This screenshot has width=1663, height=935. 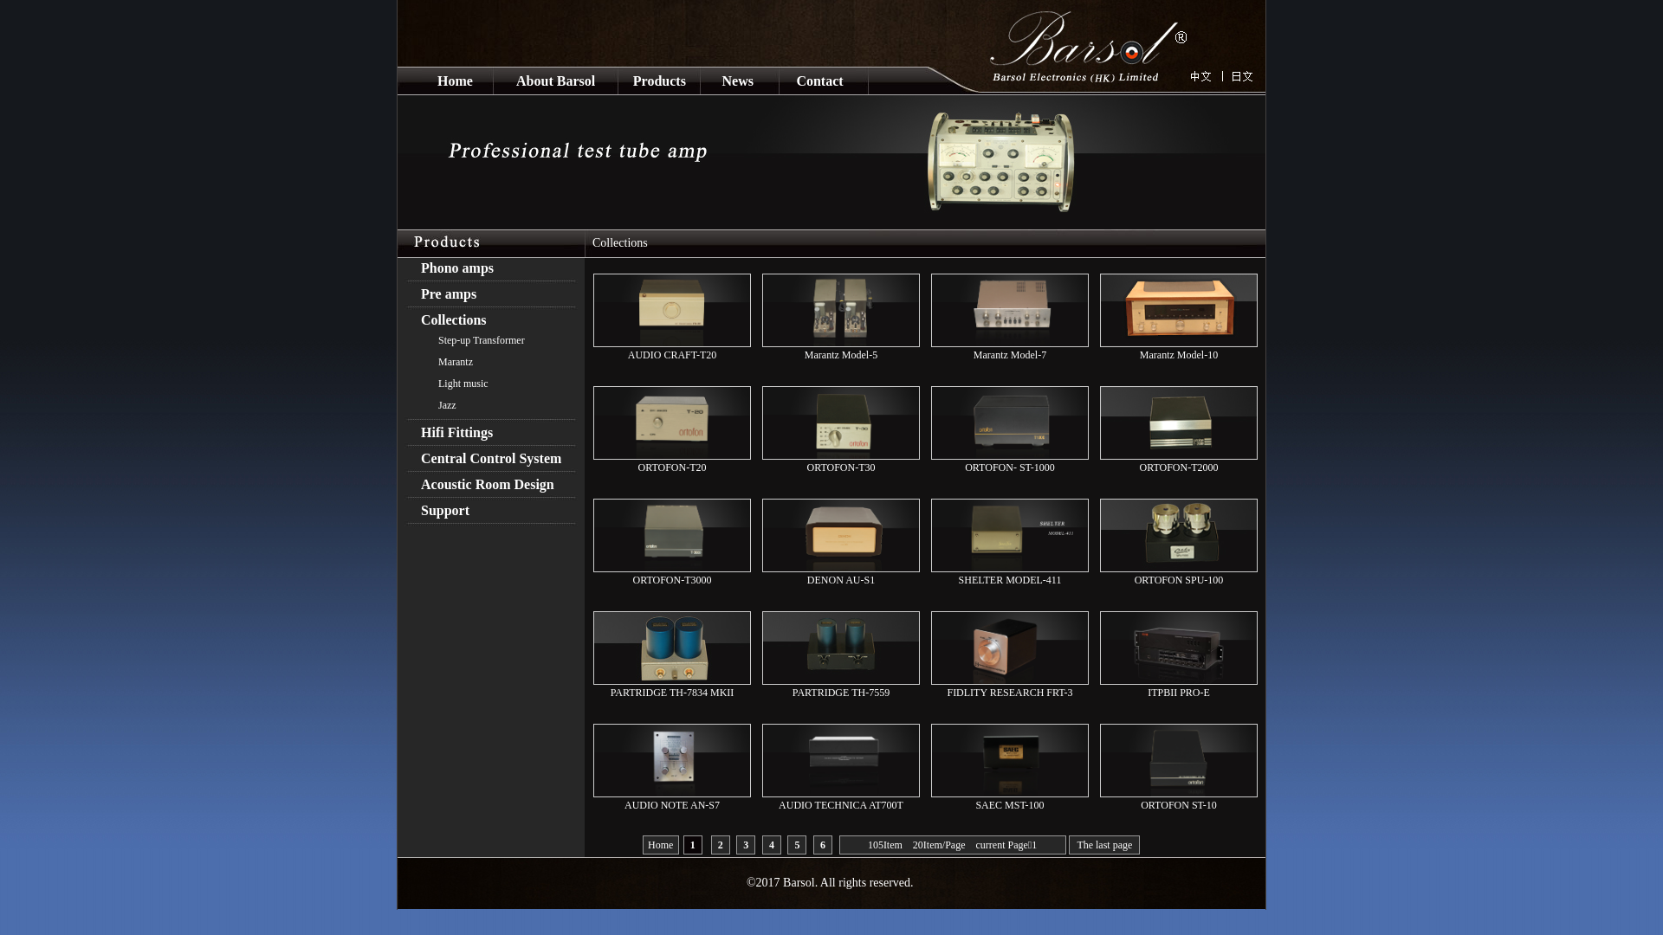 What do you see at coordinates (489, 319) in the screenshot?
I see `'Collections'` at bounding box center [489, 319].